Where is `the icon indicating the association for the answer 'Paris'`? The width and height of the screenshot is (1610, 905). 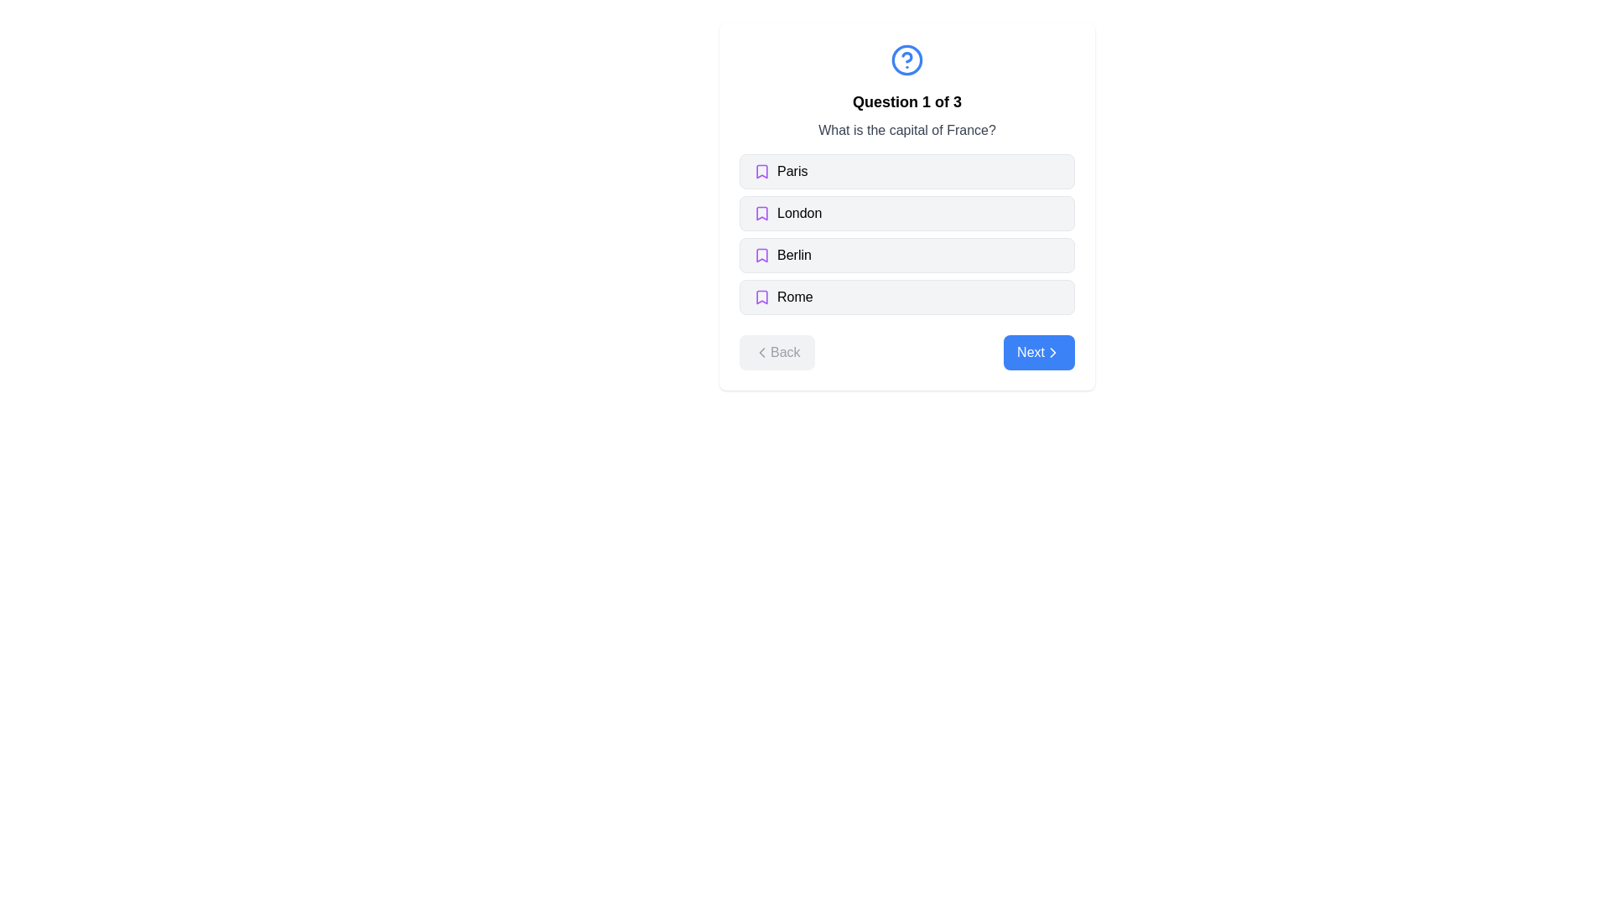 the icon indicating the association for the answer 'Paris' is located at coordinates (761, 171).